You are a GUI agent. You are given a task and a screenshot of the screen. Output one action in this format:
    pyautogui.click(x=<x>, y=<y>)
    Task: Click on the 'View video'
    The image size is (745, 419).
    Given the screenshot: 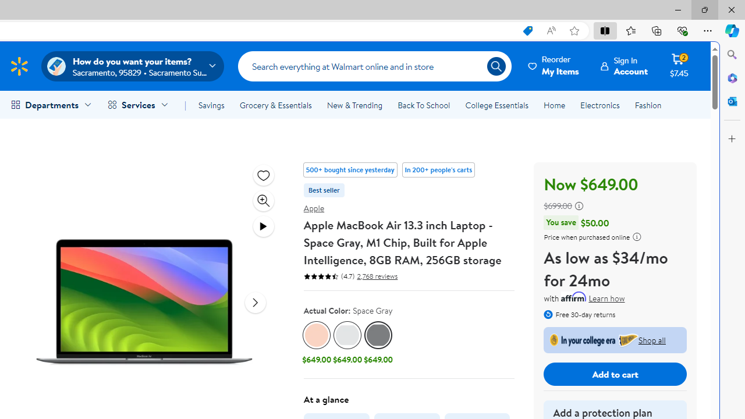 What is the action you would take?
    pyautogui.click(x=262, y=226)
    